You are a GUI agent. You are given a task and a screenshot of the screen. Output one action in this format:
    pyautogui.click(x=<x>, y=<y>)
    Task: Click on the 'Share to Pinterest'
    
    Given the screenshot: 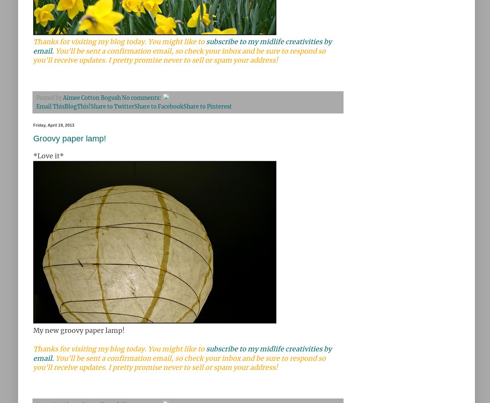 What is the action you would take?
    pyautogui.click(x=207, y=106)
    